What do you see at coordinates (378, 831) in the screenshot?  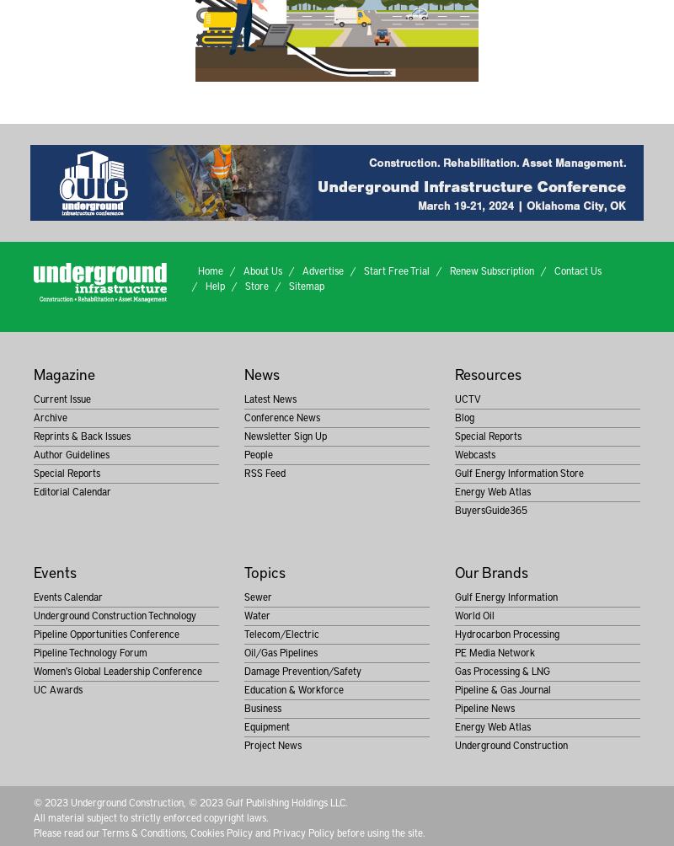 I see `'before using the site.'` at bounding box center [378, 831].